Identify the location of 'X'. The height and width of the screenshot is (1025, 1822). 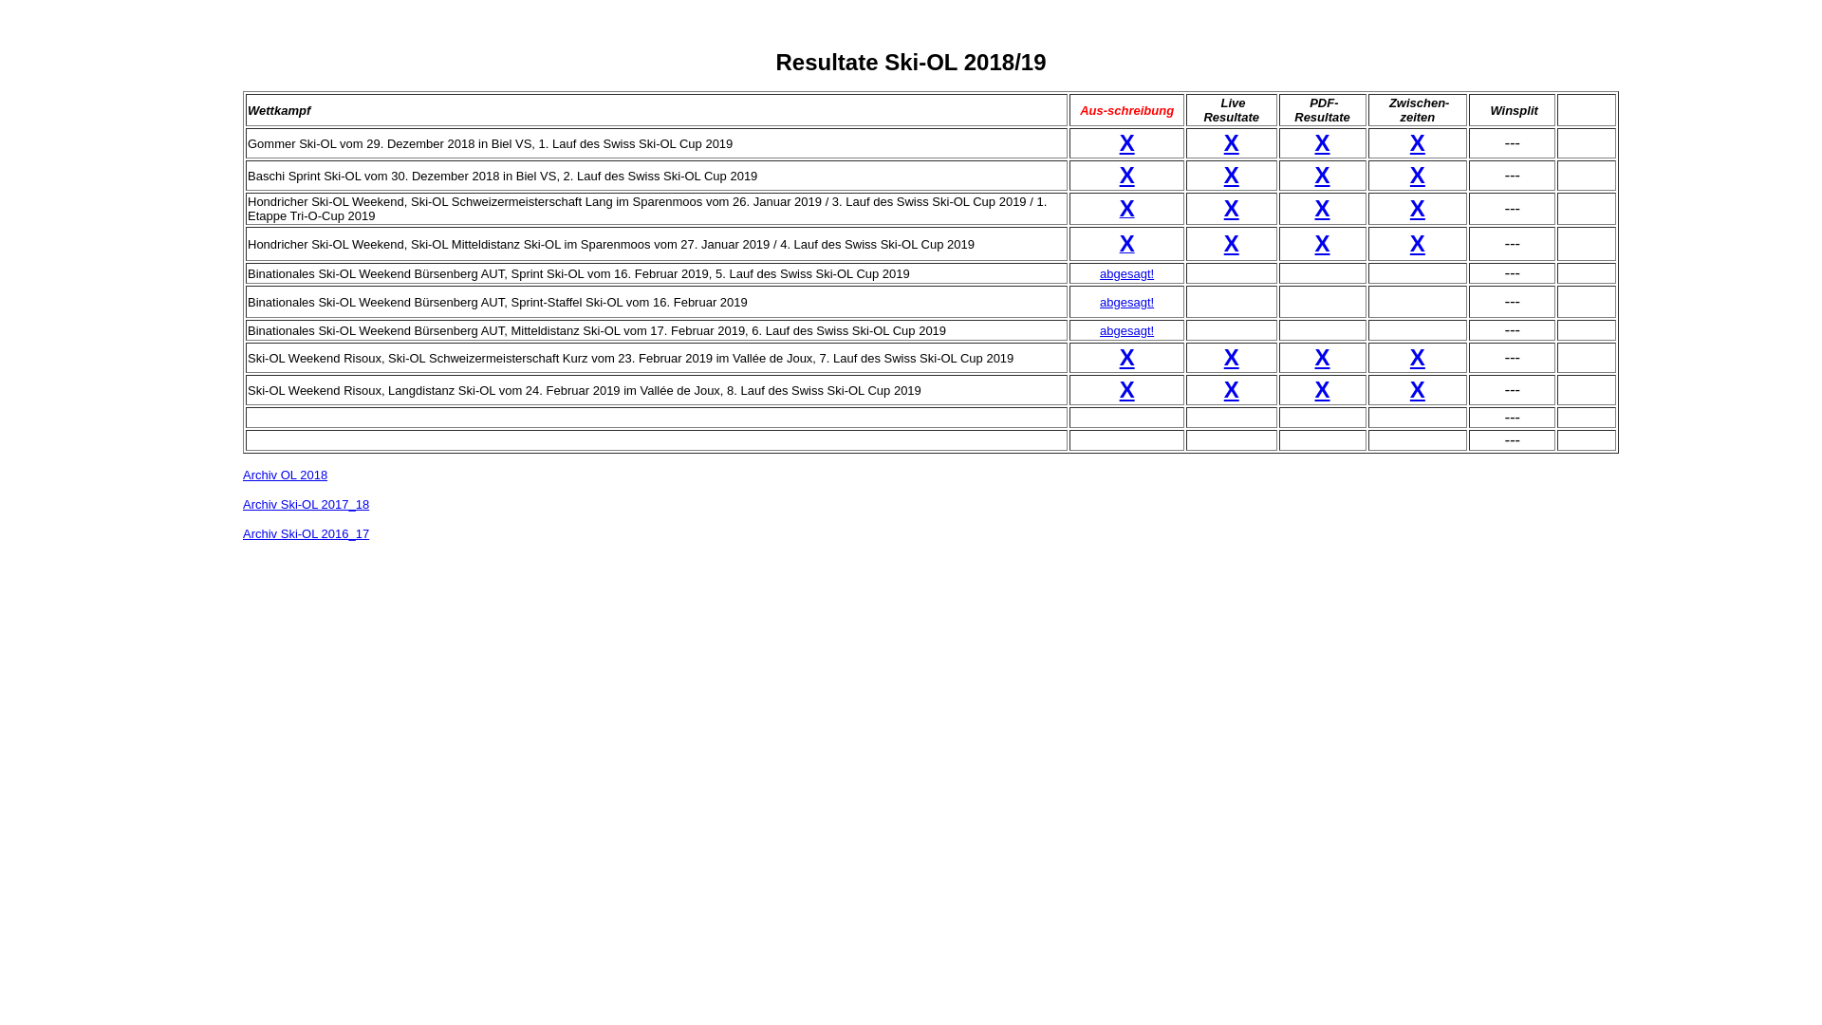
(1417, 242).